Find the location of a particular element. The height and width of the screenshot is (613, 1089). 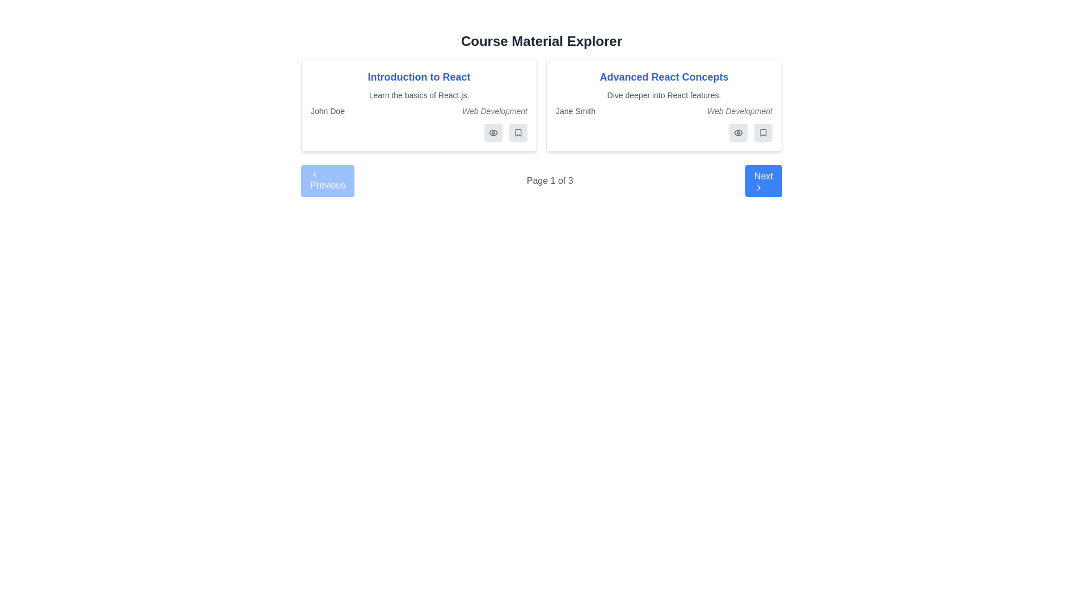

title text located at the top of the card, which conveys the main topic or focus of the card's content is located at coordinates (664, 77).